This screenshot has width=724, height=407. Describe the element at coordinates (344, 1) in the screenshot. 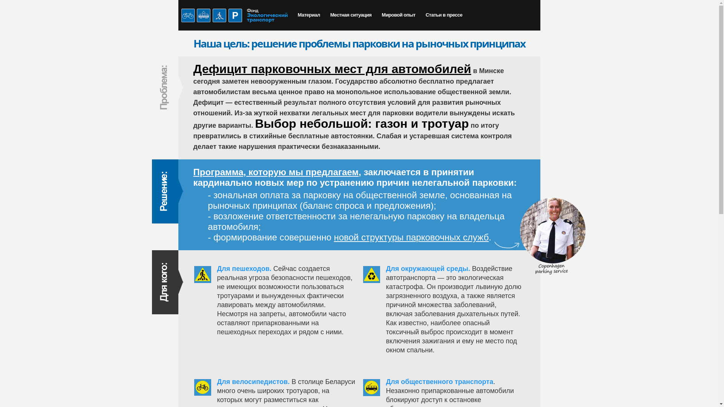

I see `'Skip to main content'` at that location.